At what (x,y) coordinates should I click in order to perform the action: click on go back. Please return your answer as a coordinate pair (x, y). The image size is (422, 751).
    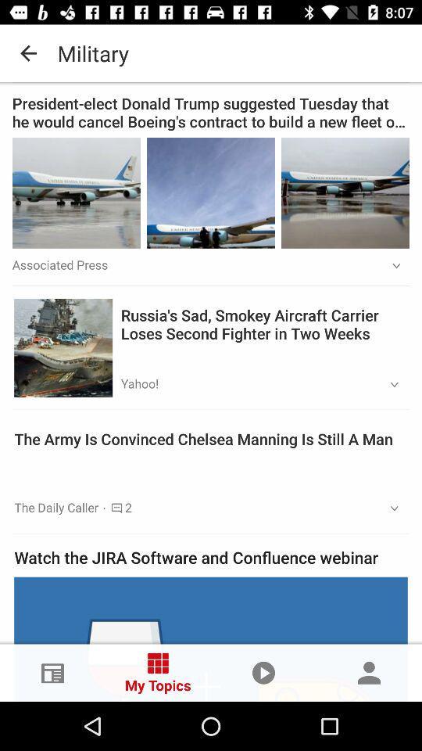
    Looking at the image, I should click on (211, 53).